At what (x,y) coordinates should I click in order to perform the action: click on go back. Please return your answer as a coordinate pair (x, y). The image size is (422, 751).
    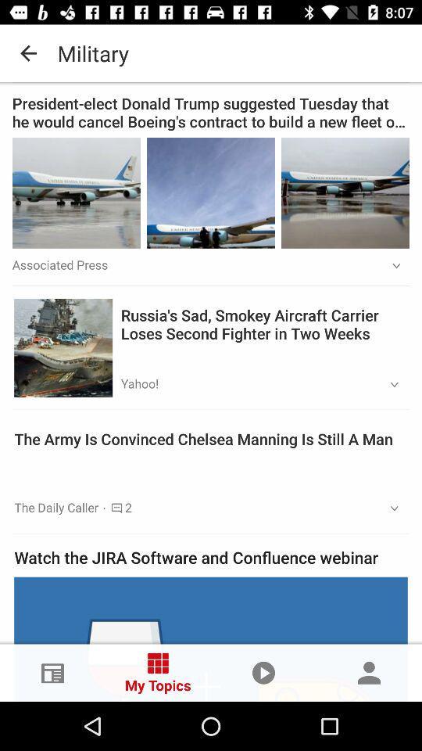
    Looking at the image, I should click on (211, 53).